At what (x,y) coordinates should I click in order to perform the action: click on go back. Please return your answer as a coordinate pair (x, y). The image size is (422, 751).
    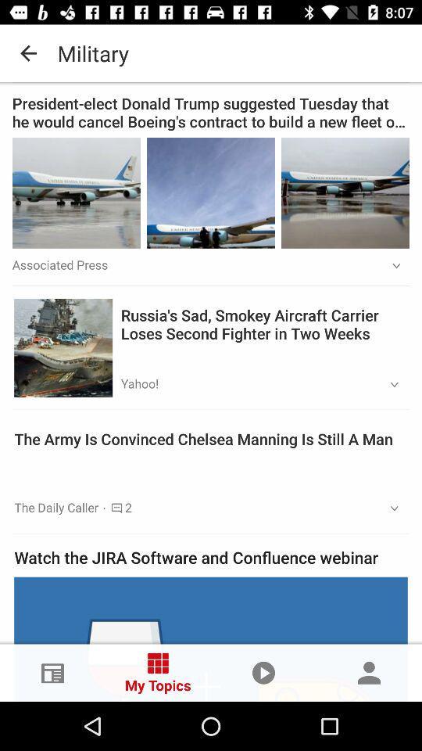
    Looking at the image, I should click on (211, 53).